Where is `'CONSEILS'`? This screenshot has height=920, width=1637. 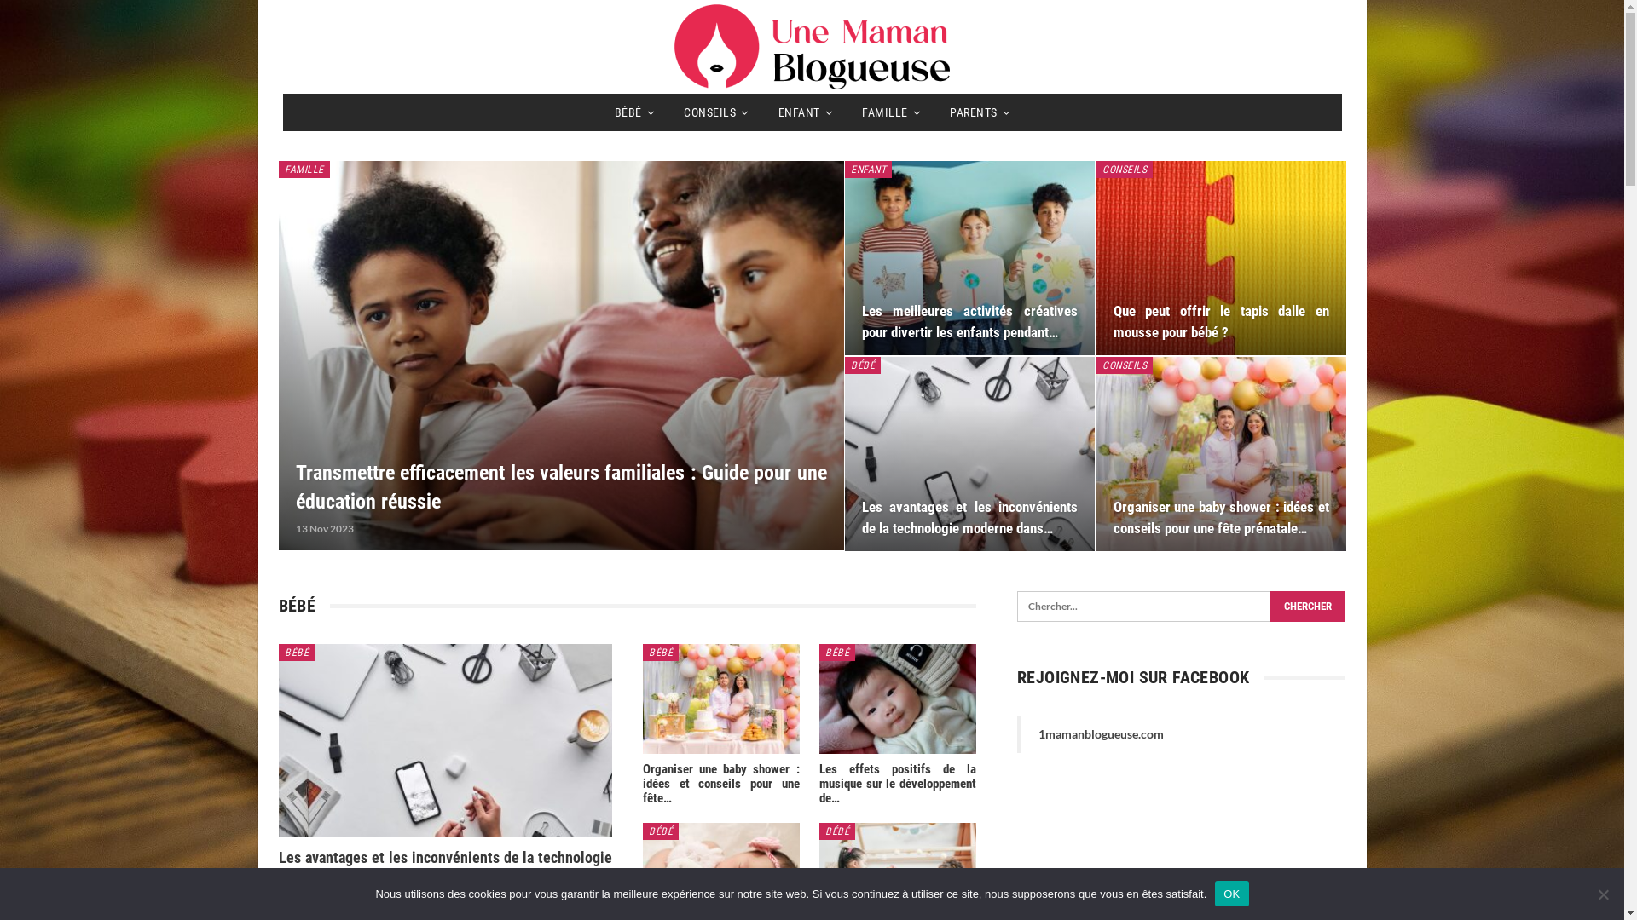 'CONSEILS' is located at coordinates (716, 112).